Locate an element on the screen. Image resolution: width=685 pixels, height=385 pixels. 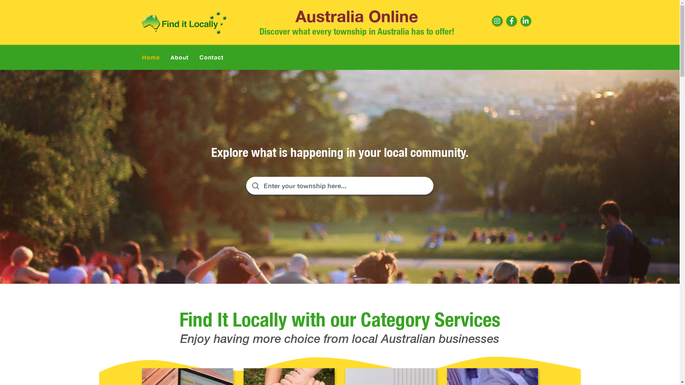
'Contact' is located at coordinates (210, 57).